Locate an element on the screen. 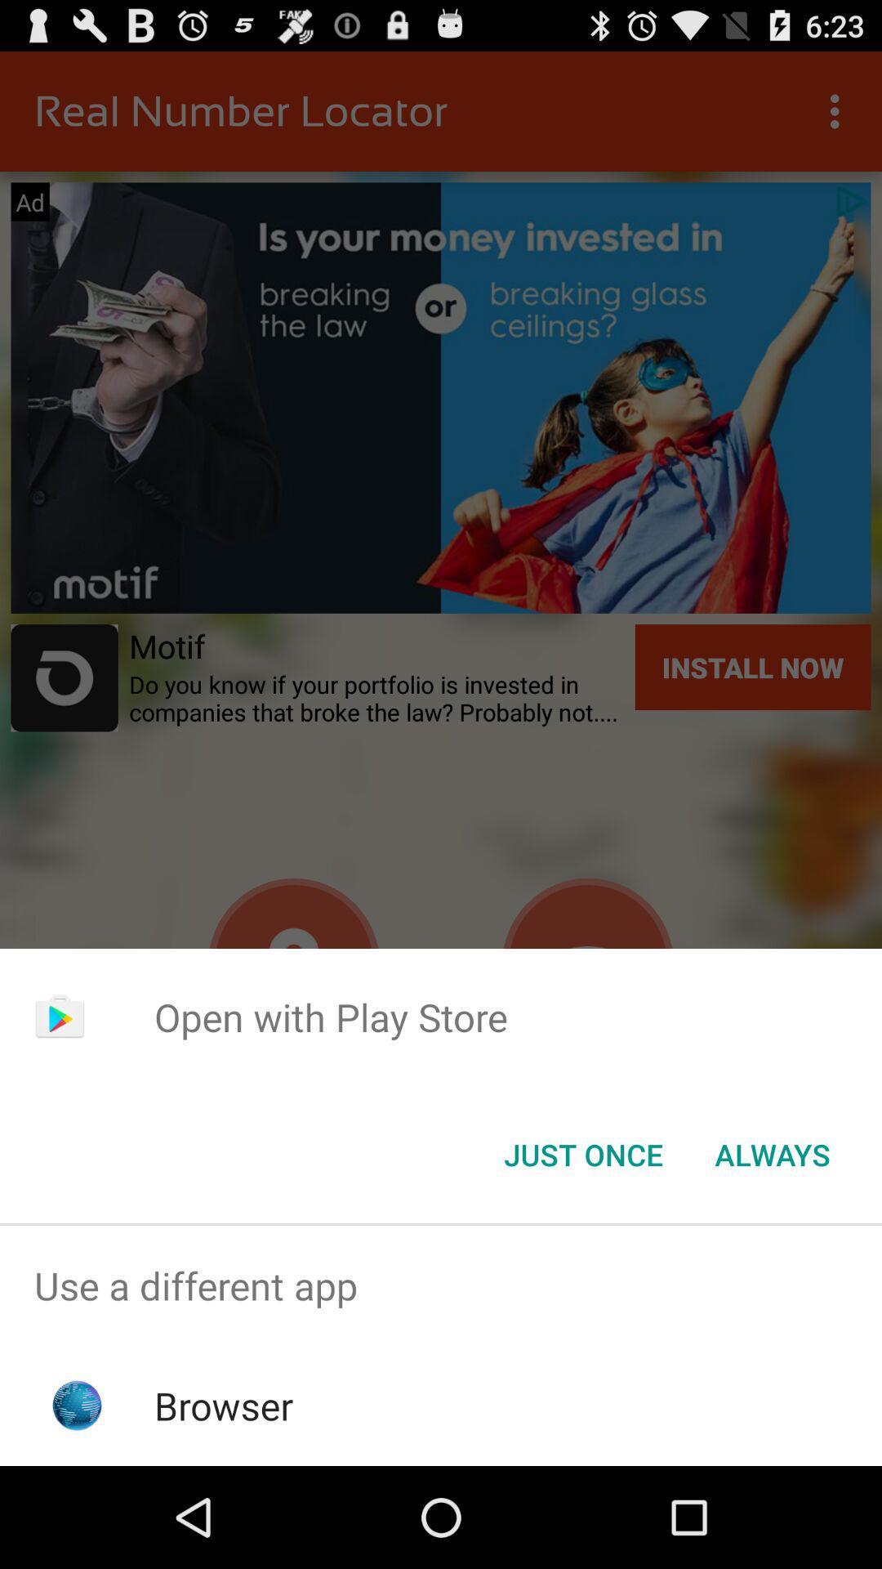  the just once button is located at coordinates (582, 1153).